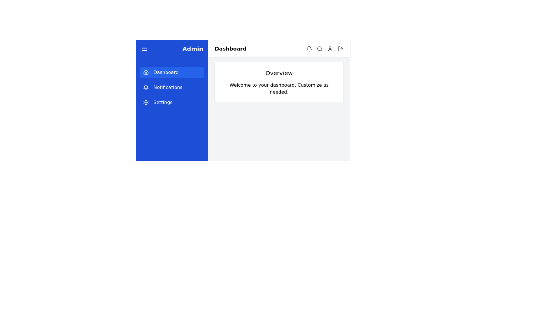  I want to click on the gear icon, which is white with rounded edges and located to the left of the 'Settings' text in the vertical navigation menu, so click(146, 102).